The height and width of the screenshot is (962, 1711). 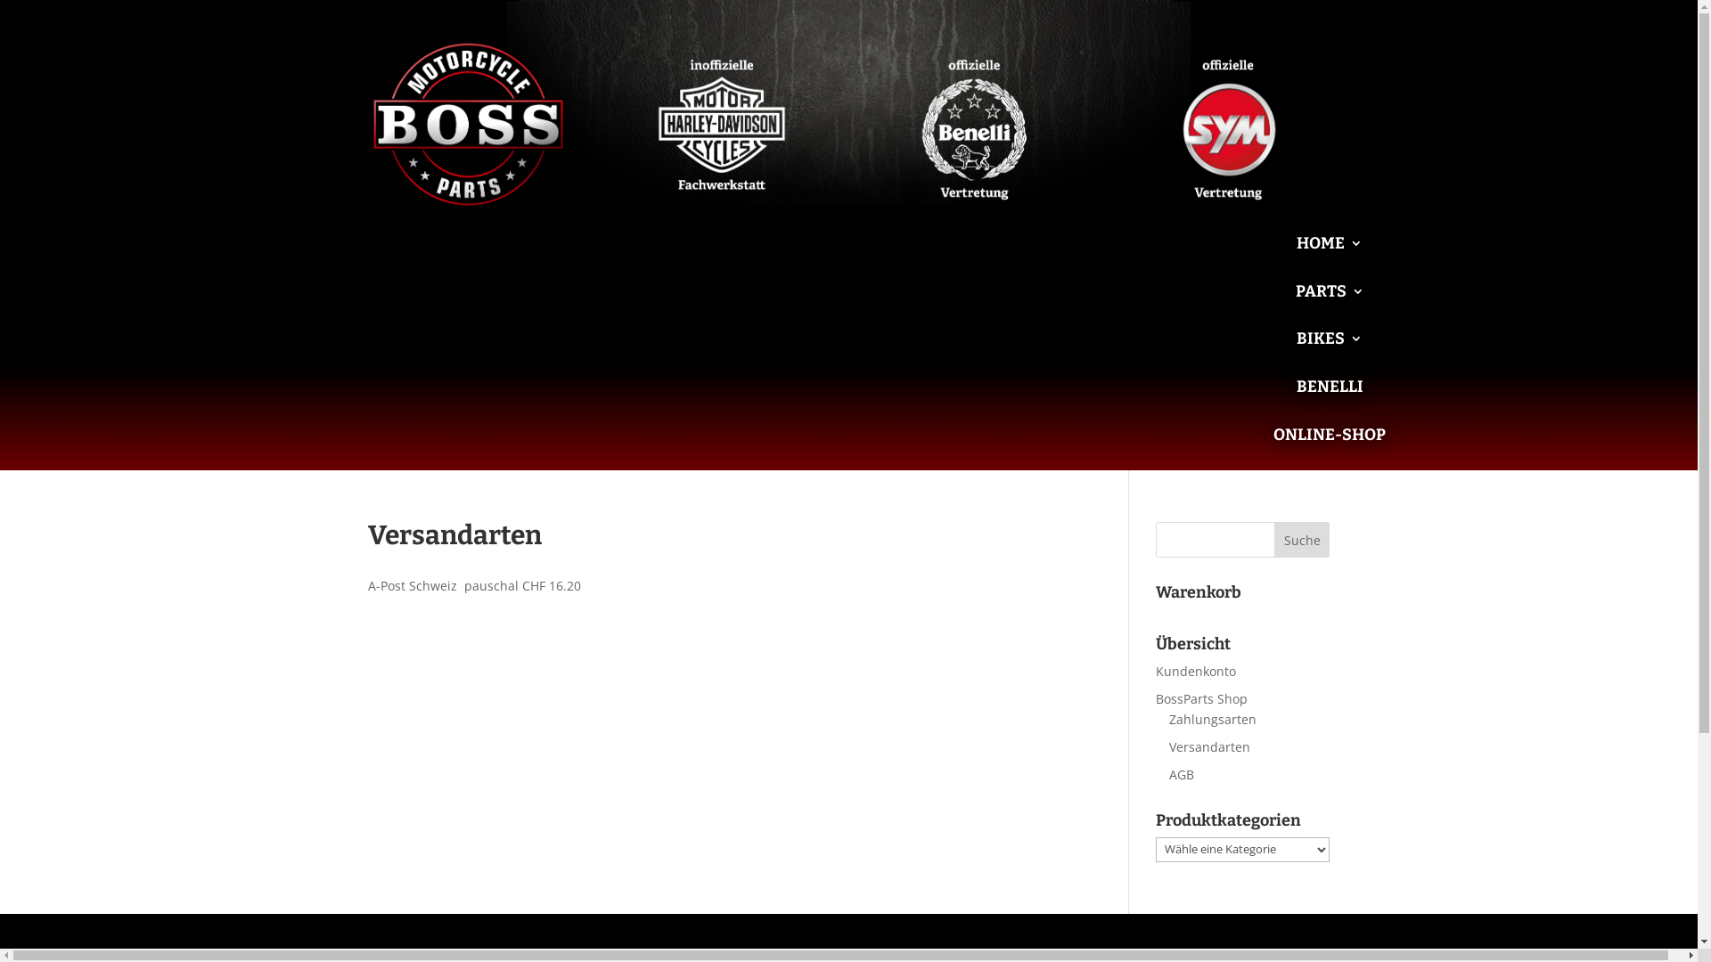 I want to click on 'BossParts Shop', so click(x=1201, y=697).